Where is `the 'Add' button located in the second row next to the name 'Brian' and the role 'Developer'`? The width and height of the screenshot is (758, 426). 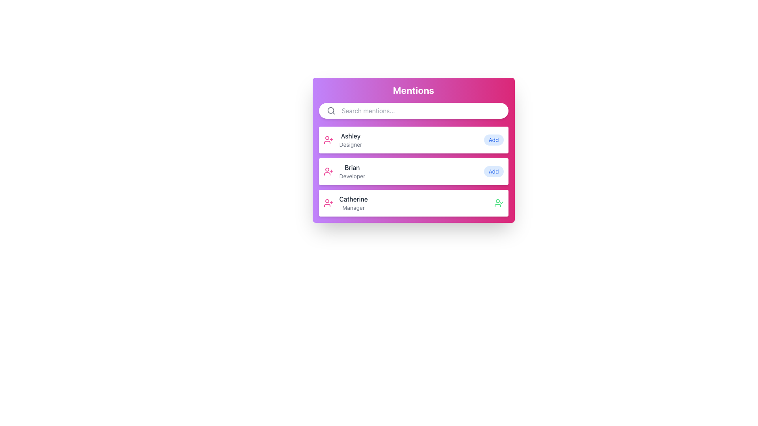 the 'Add' button located in the second row next to the name 'Brian' and the role 'Developer' is located at coordinates (493, 171).